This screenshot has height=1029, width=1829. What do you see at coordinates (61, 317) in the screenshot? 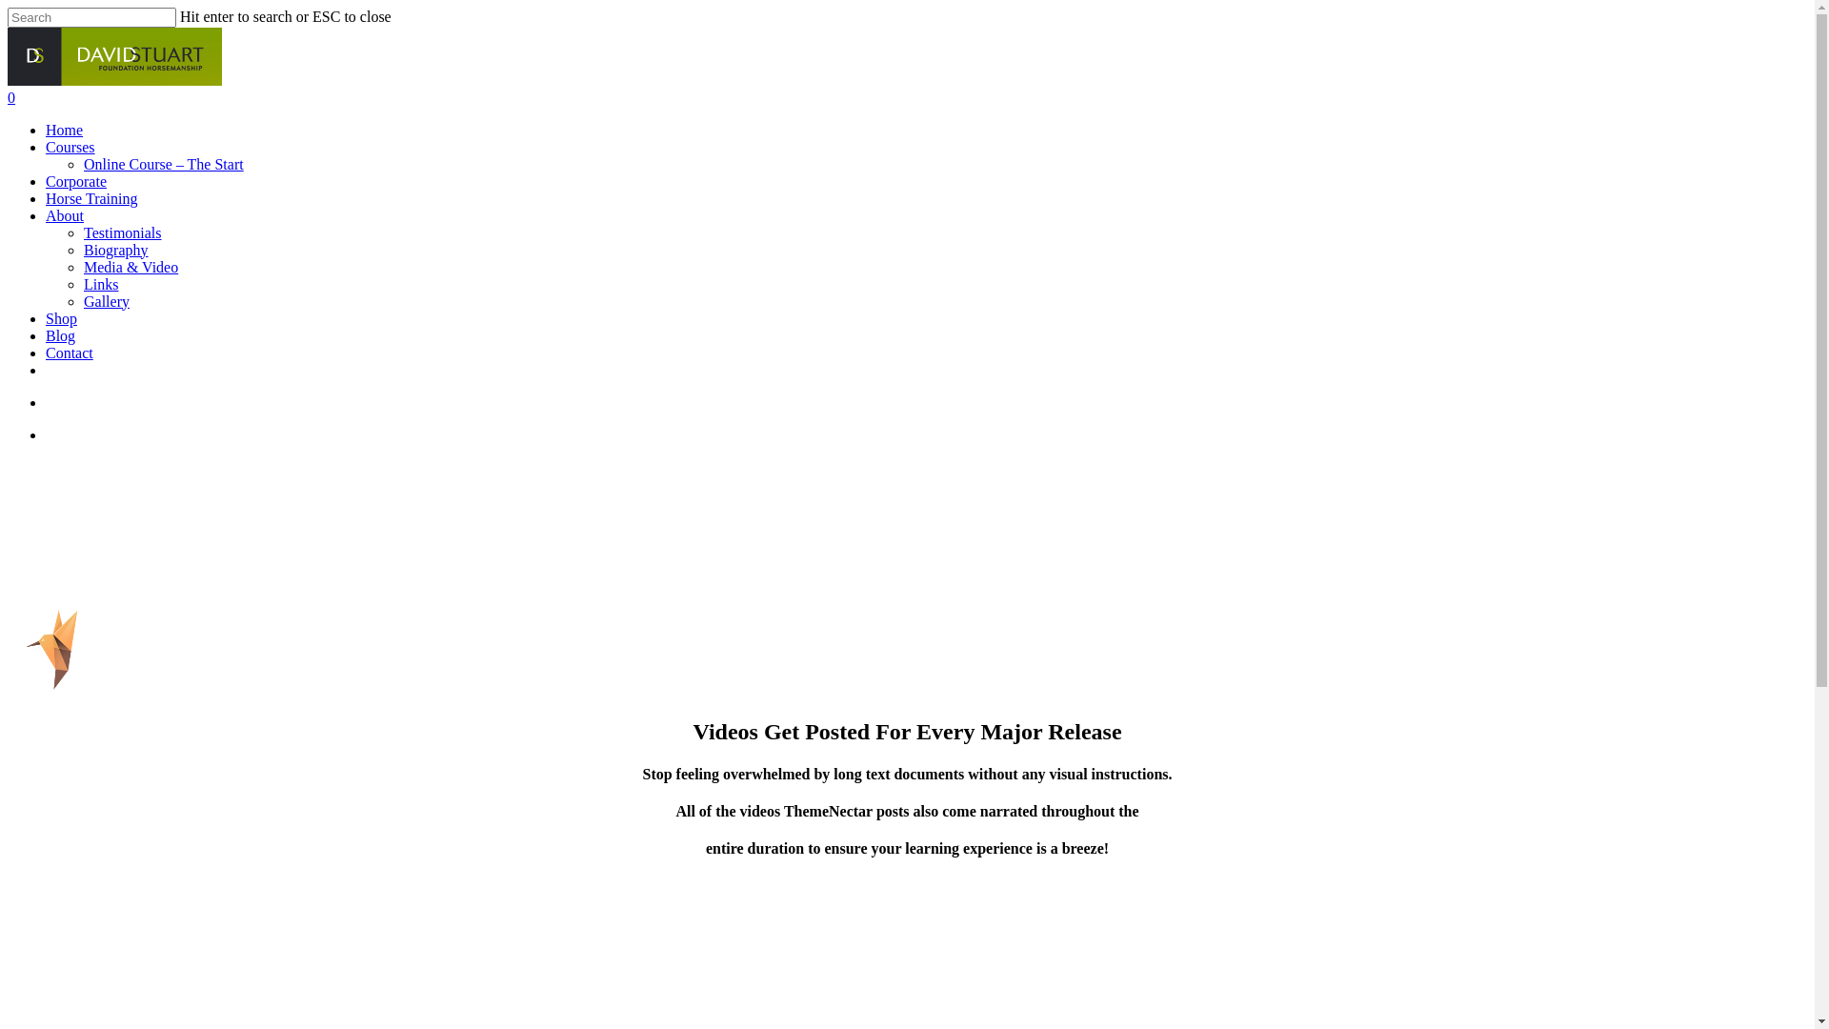
I see `'Shop'` at bounding box center [61, 317].